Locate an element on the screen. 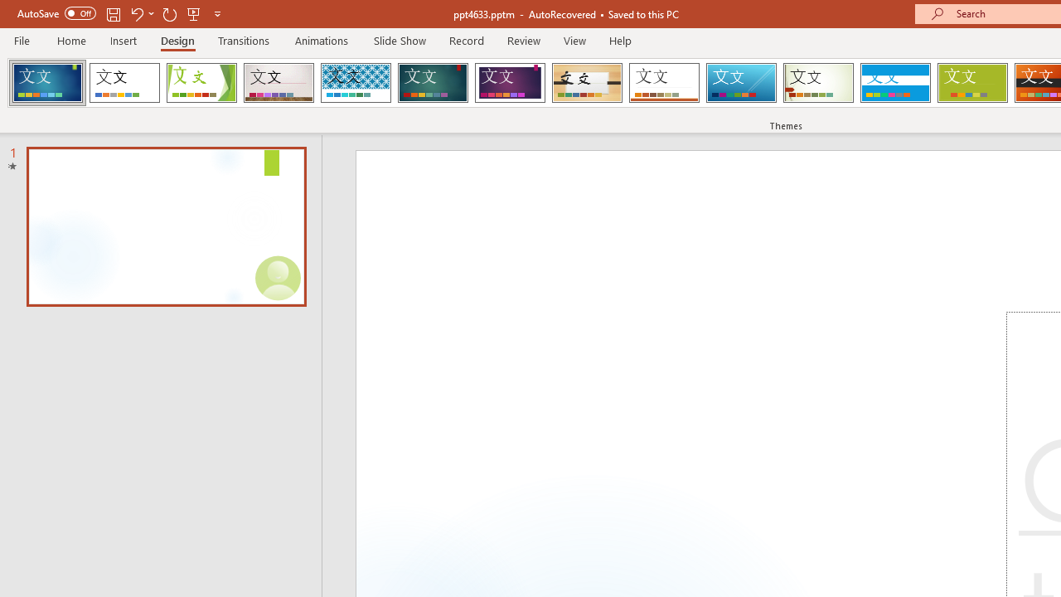 Image resolution: width=1061 pixels, height=597 pixels. 'Animations' is located at coordinates (322, 40).